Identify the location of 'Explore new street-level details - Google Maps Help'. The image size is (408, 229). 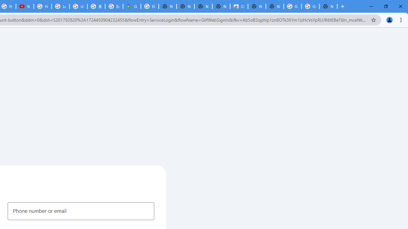
(114, 6).